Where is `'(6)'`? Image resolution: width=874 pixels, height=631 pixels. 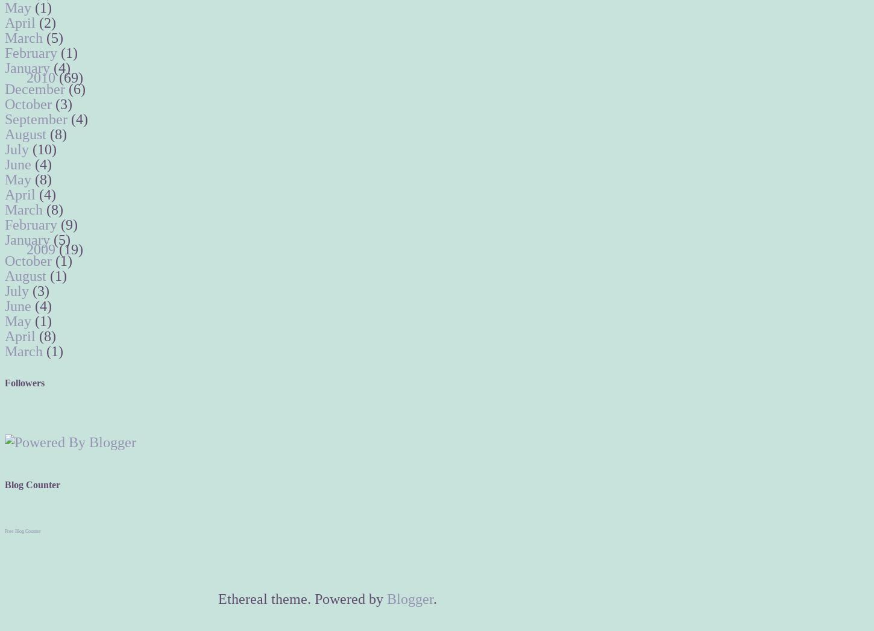 '(6)' is located at coordinates (77, 89).